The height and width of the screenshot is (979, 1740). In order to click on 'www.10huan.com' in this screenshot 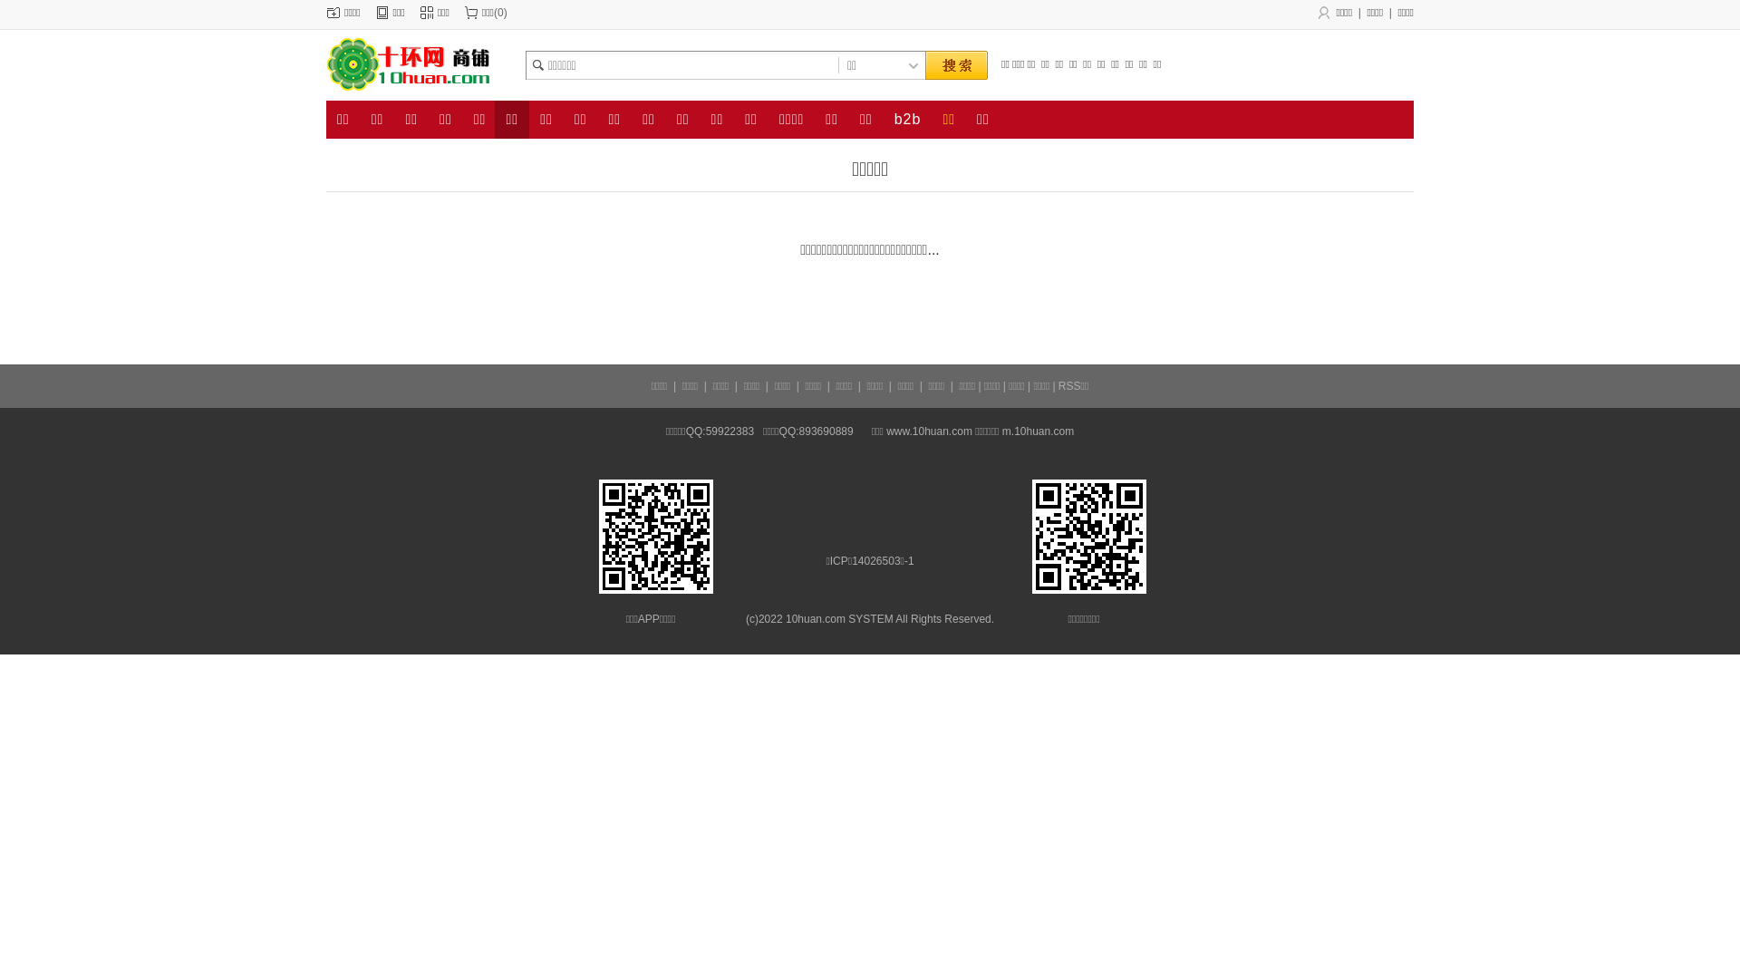, I will do `click(886, 431)`.